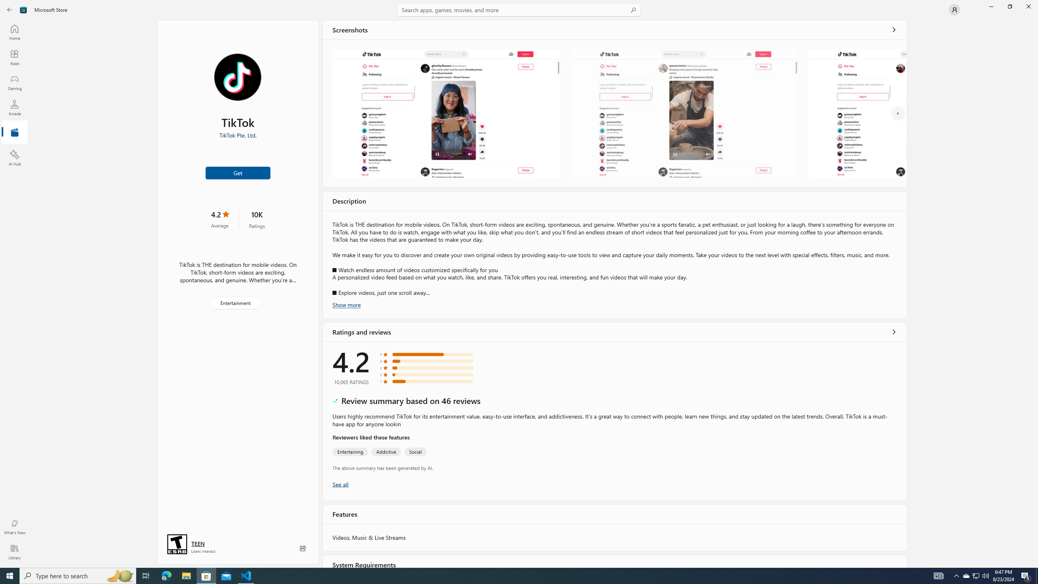  I want to click on 'What', so click(14, 526).